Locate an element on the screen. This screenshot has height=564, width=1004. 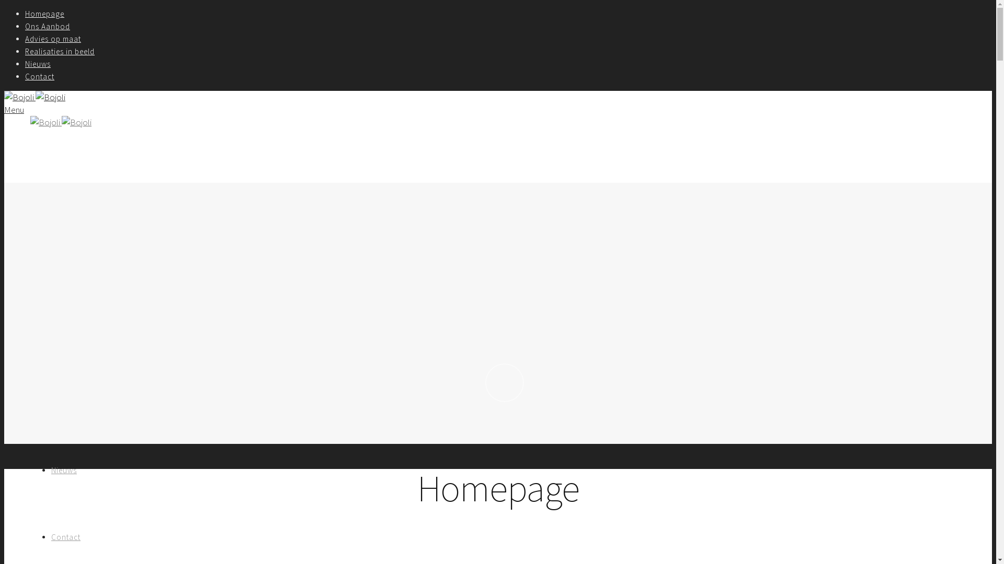
'Contact' is located at coordinates (65, 537).